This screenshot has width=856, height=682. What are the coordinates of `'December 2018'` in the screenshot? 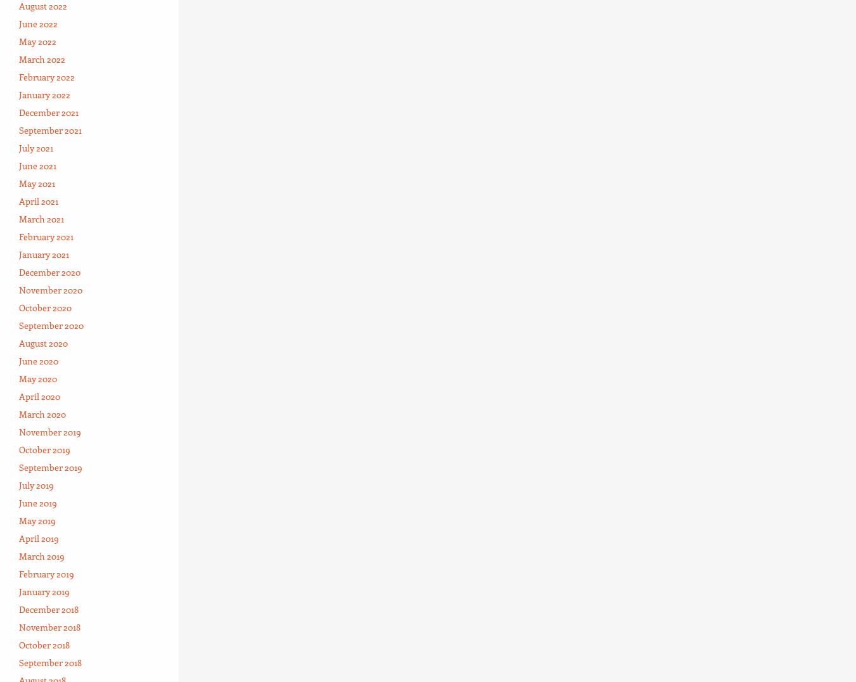 It's located at (48, 608).